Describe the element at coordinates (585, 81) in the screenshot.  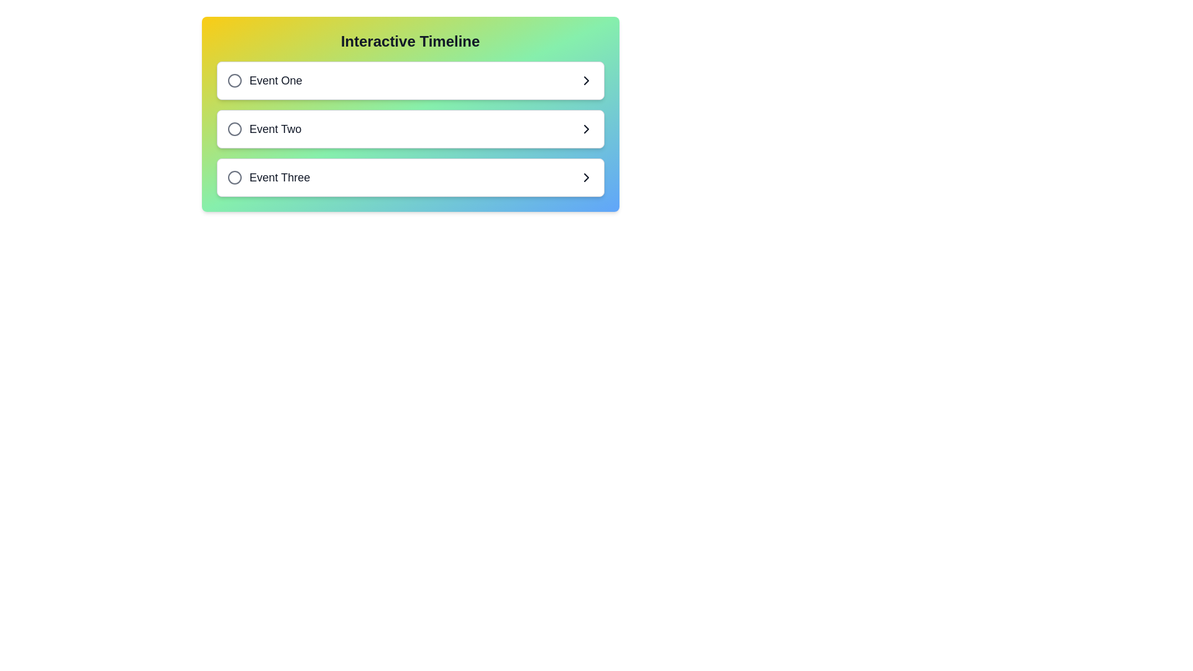
I see `the chevron arrow icon located on the right end of the 'Event One' interactive box in the 'Interactive Timeline' card` at that location.